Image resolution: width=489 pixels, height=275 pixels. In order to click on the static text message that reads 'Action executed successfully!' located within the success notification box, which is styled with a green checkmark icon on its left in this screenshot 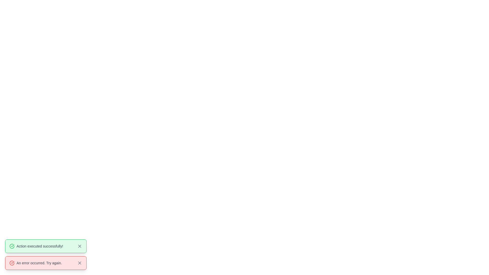, I will do `click(36, 246)`.